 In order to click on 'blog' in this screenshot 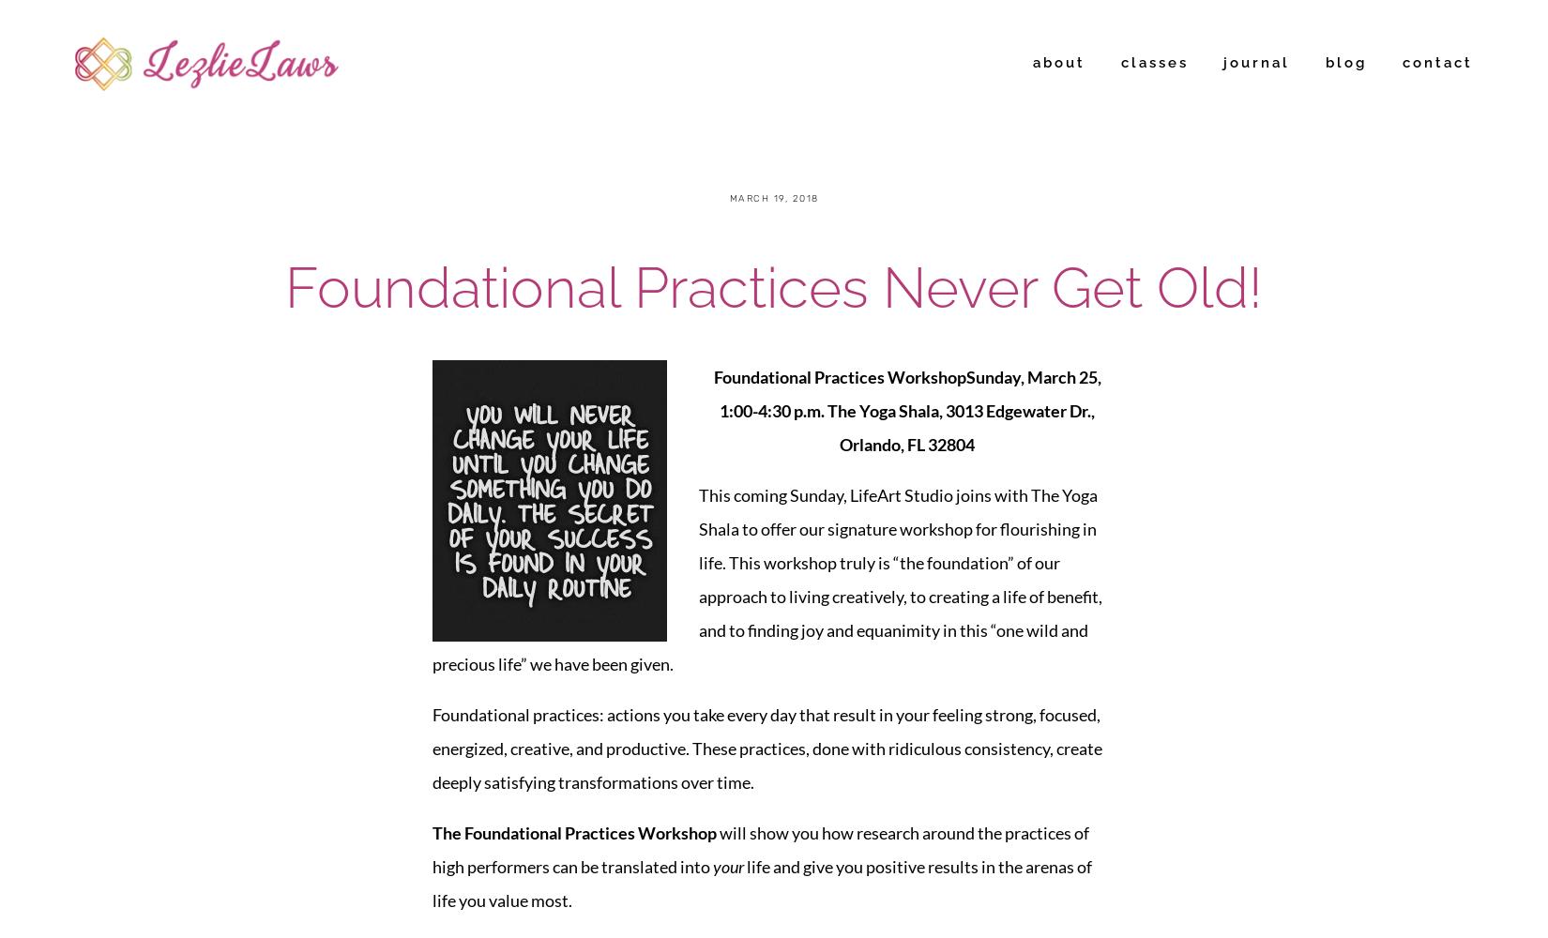, I will do `click(1345, 62)`.